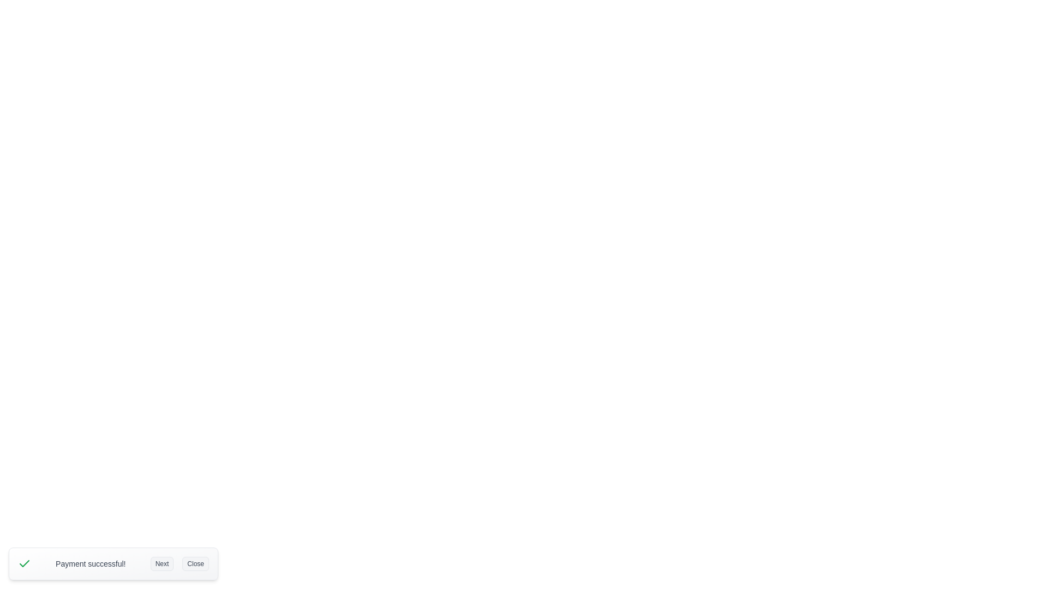  Describe the element at coordinates (195, 563) in the screenshot. I see `the 'Close' button to hide the notification bar` at that location.